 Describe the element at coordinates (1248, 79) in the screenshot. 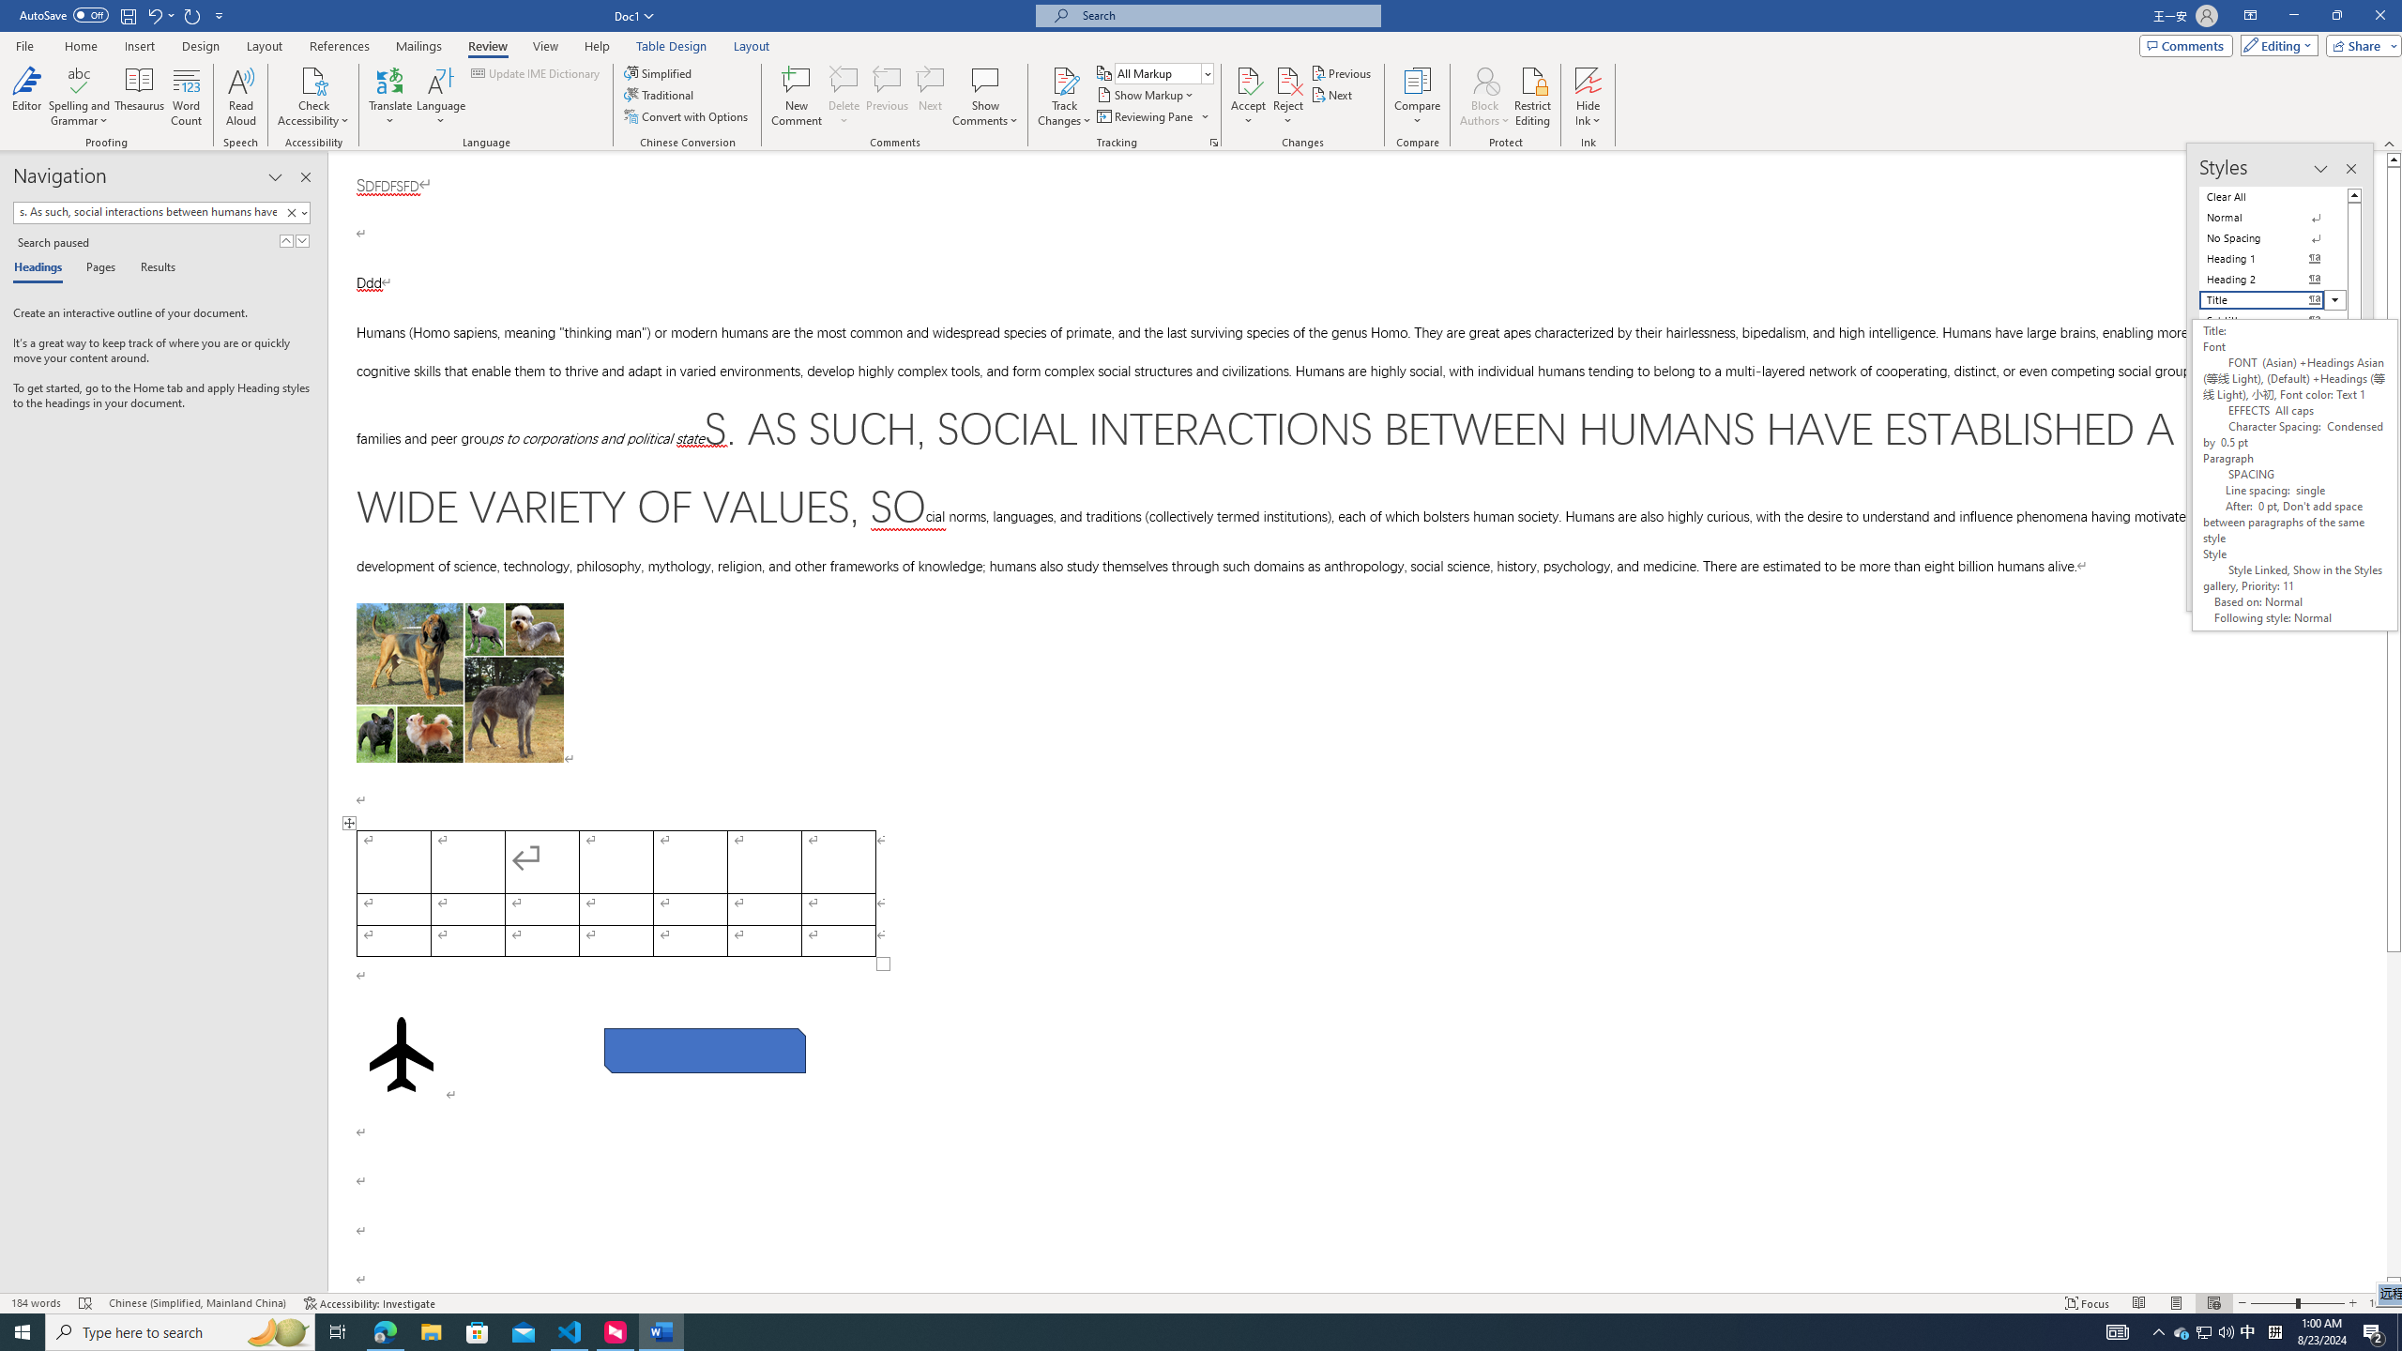

I see `'Accept and Move to Next'` at that location.